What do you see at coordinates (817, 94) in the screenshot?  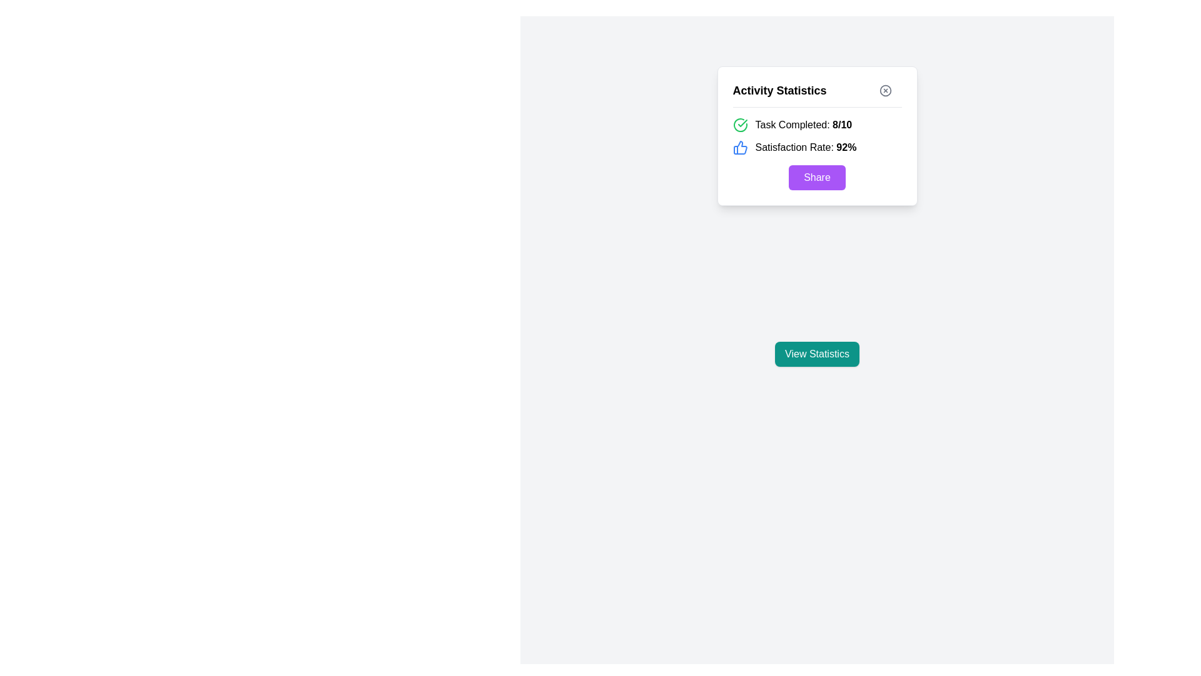 I see `the Text Block that serves as the title for the statistics overview card, located at the top of the white card-like panel` at bounding box center [817, 94].